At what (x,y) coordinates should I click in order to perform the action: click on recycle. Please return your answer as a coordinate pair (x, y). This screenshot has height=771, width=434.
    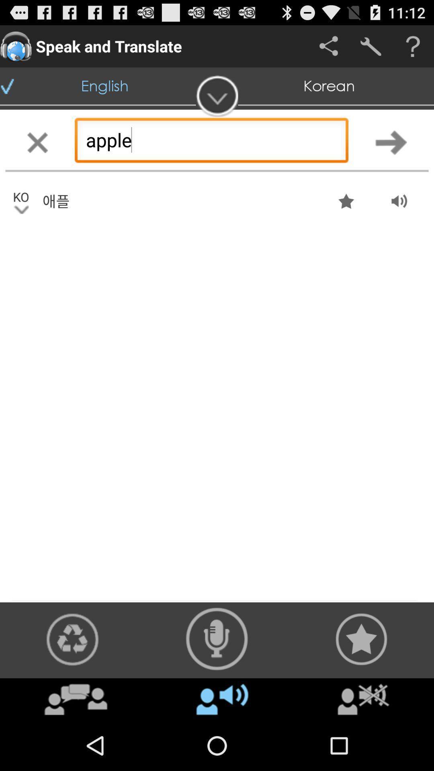
    Looking at the image, I should click on (72, 638).